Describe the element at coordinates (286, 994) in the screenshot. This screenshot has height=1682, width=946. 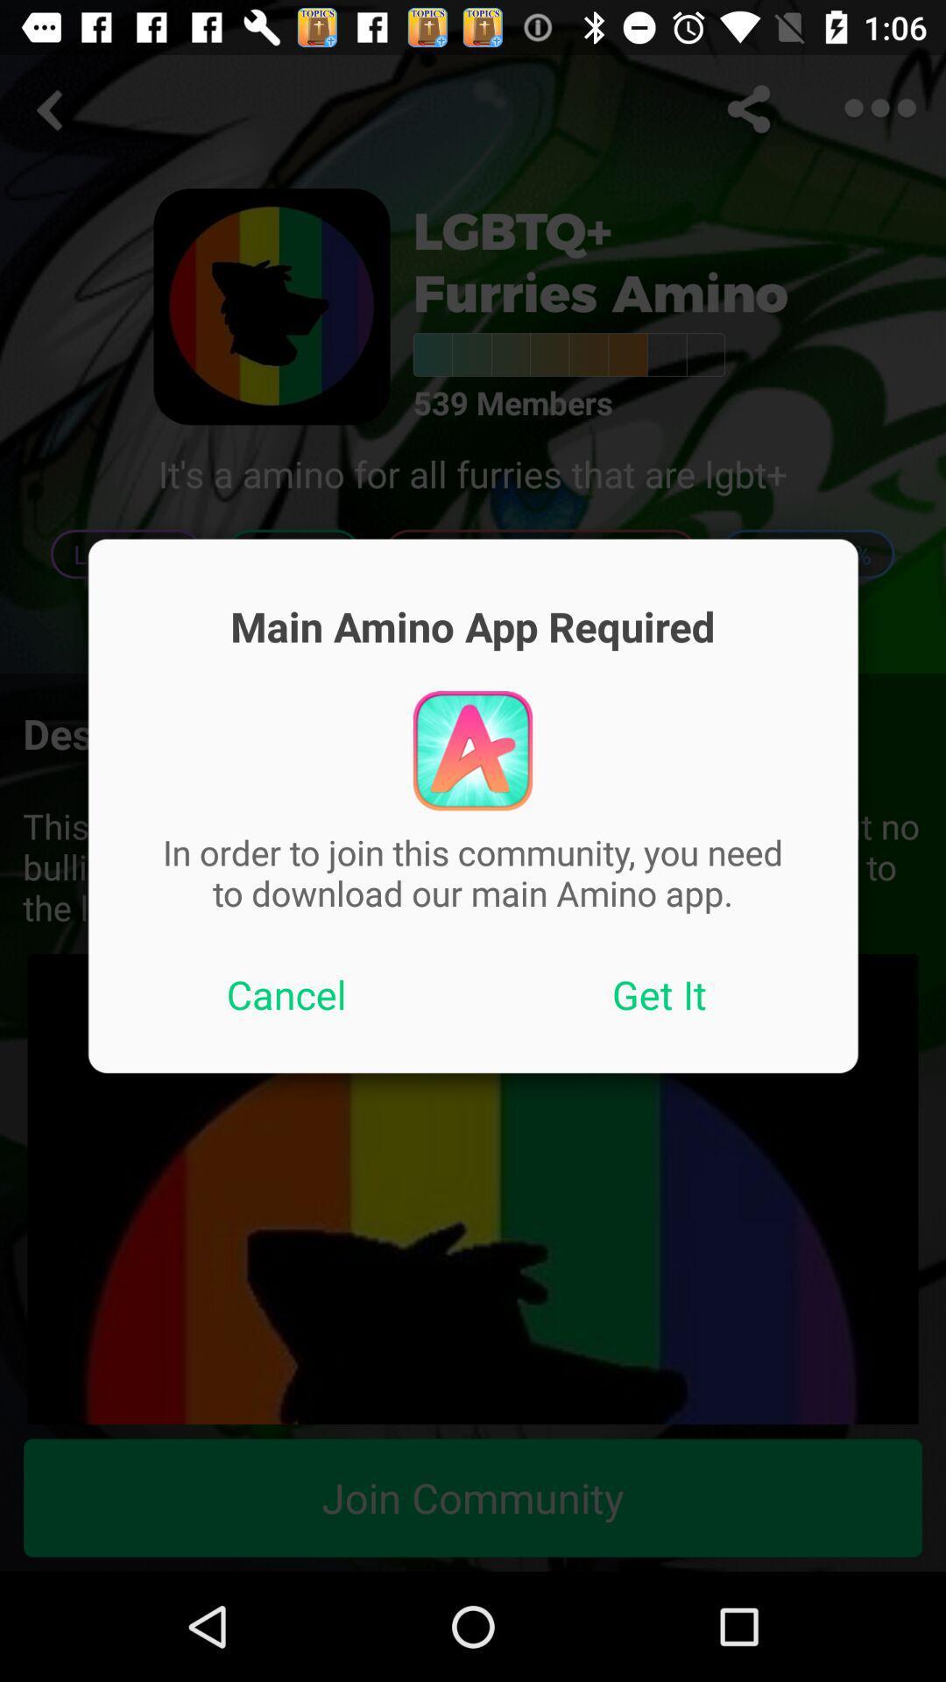
I see `the item on the left` at that location.